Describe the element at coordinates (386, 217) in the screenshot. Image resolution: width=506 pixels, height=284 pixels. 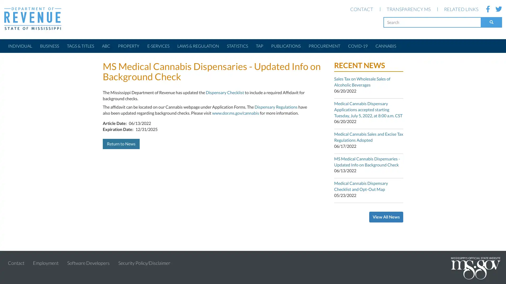
I see `View All News` at that location.